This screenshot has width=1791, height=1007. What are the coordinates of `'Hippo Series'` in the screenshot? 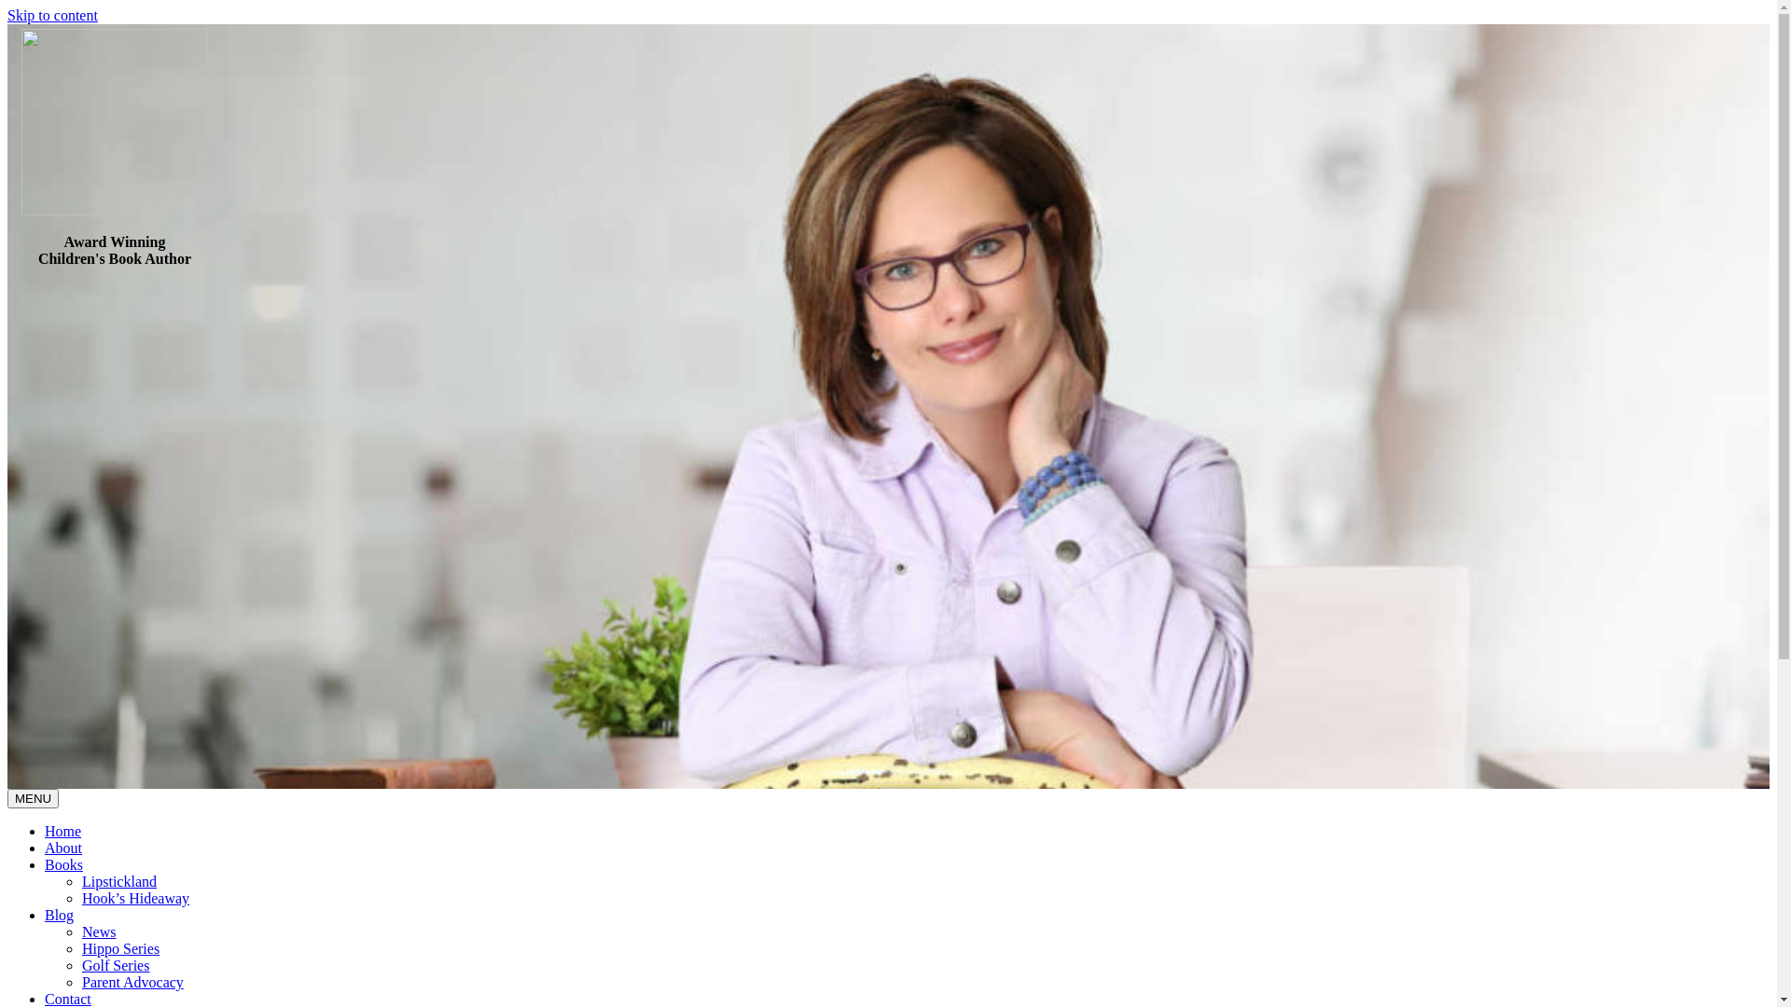 It's located at (80, 948).